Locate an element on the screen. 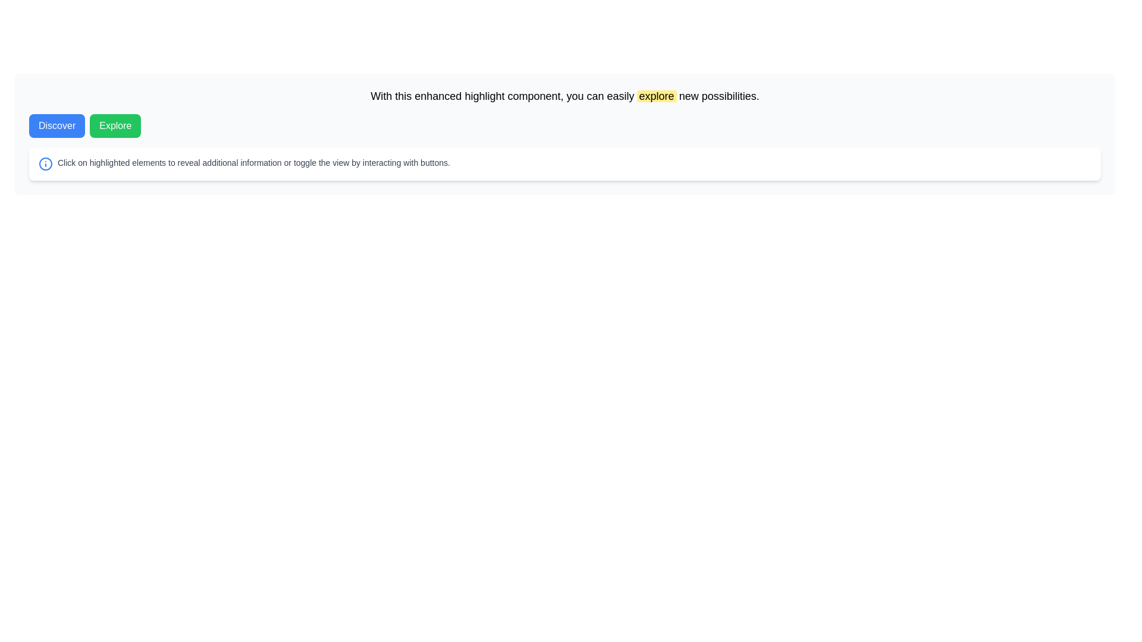 This screenshot has width=1142, height=642. the leftmost button in the horizontal layout that navigates to the 'Discover' feature is located at coordinates (57, 126).